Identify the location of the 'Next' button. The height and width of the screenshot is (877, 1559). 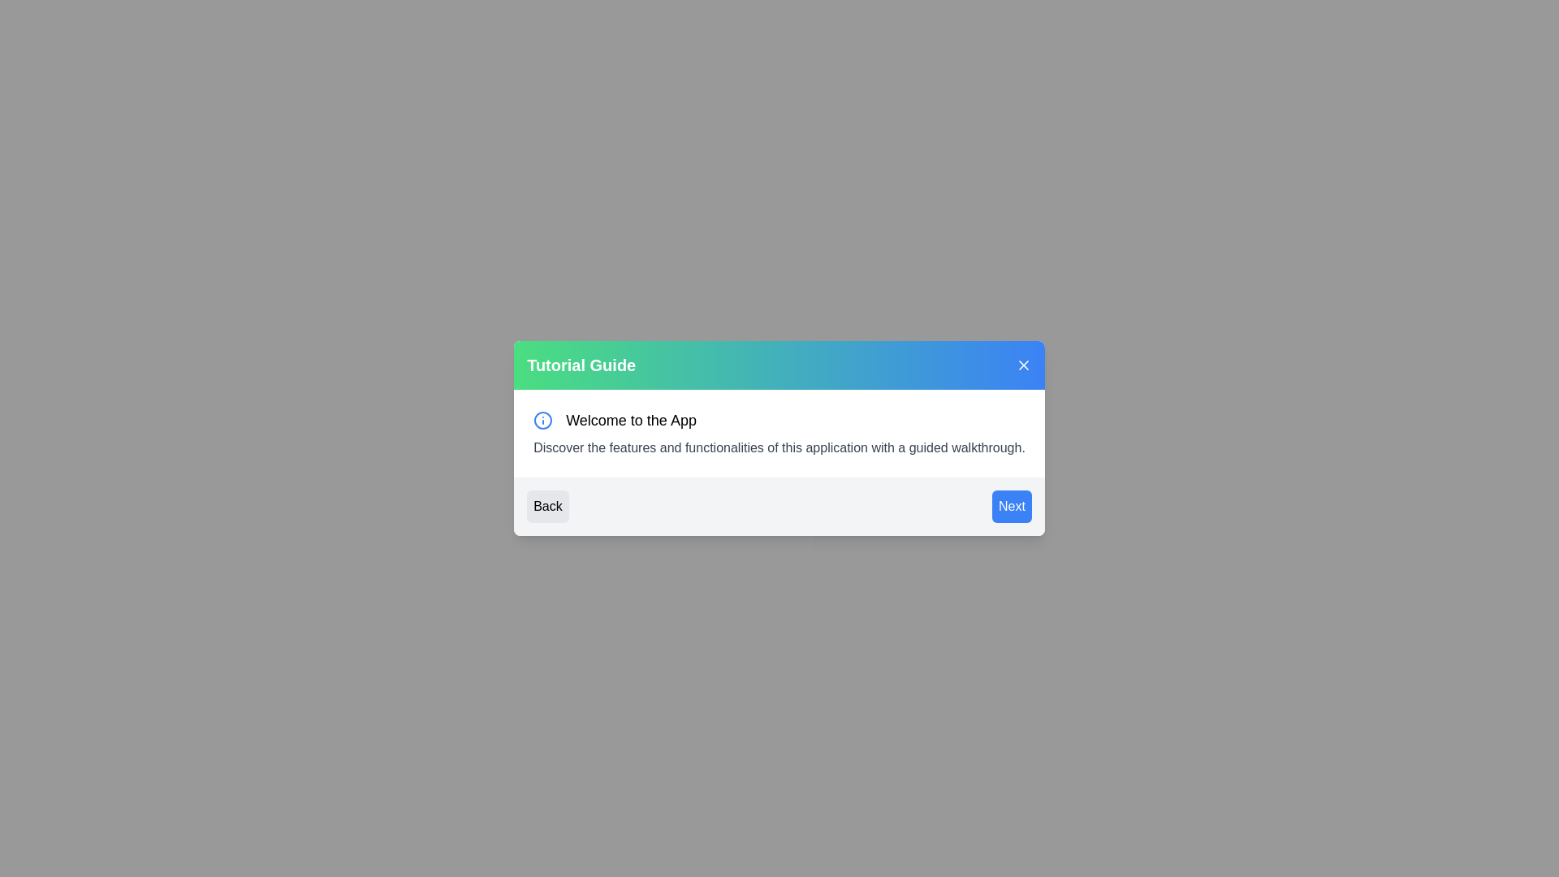
(1011, 506).